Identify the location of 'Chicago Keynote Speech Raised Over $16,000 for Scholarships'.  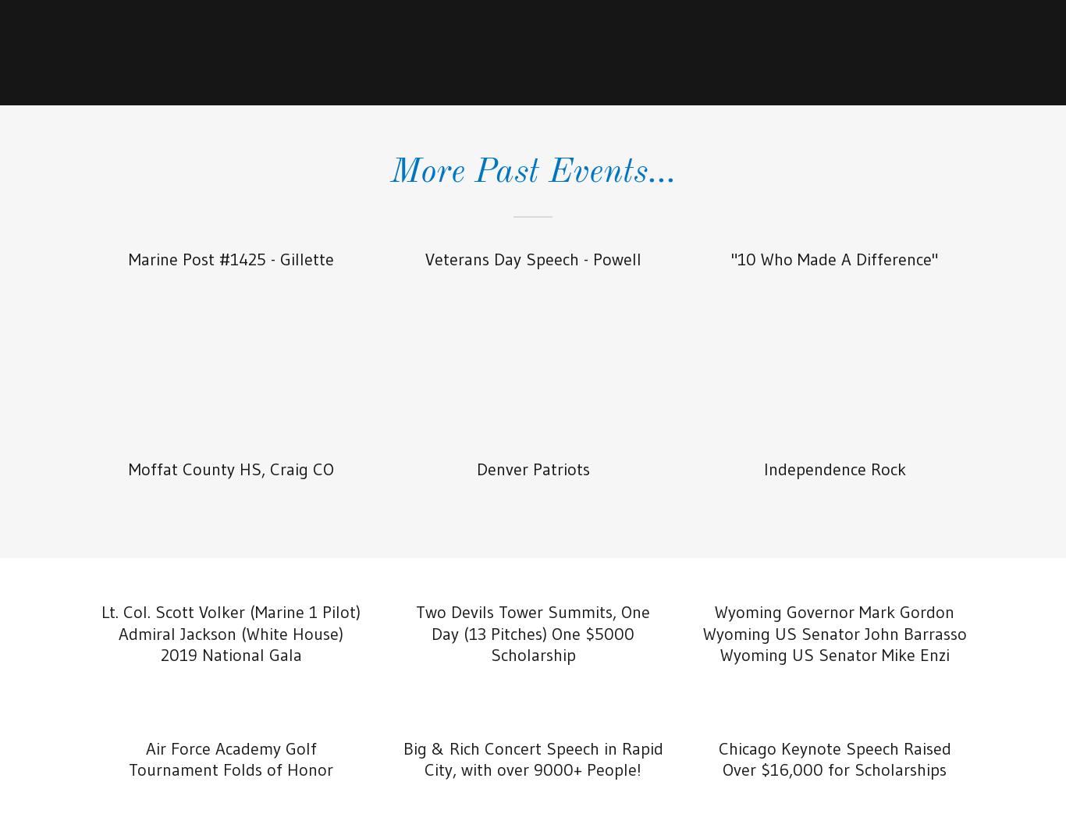
(833, 758).